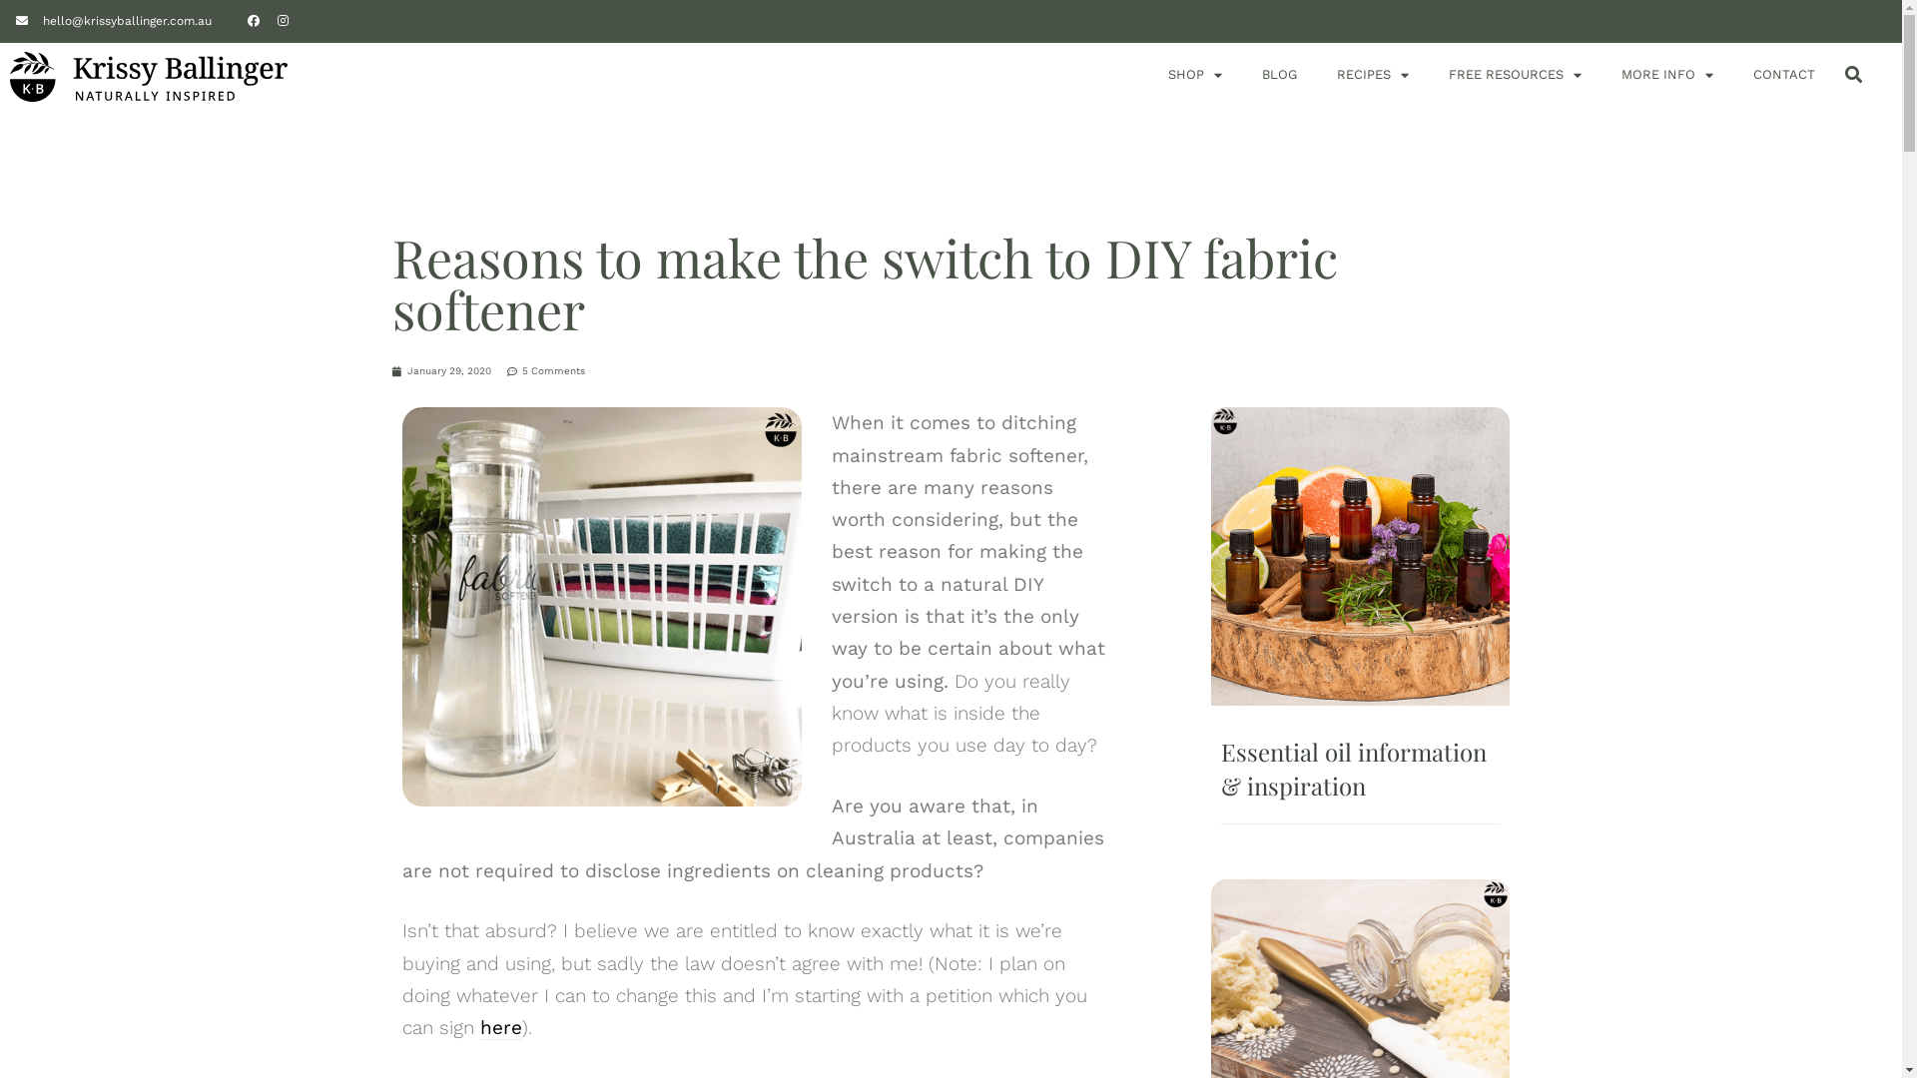 The height and width of the screenshot is (1078, 1917). I want to click on 'Essential oil information & inspiration', so click(1354, 768).